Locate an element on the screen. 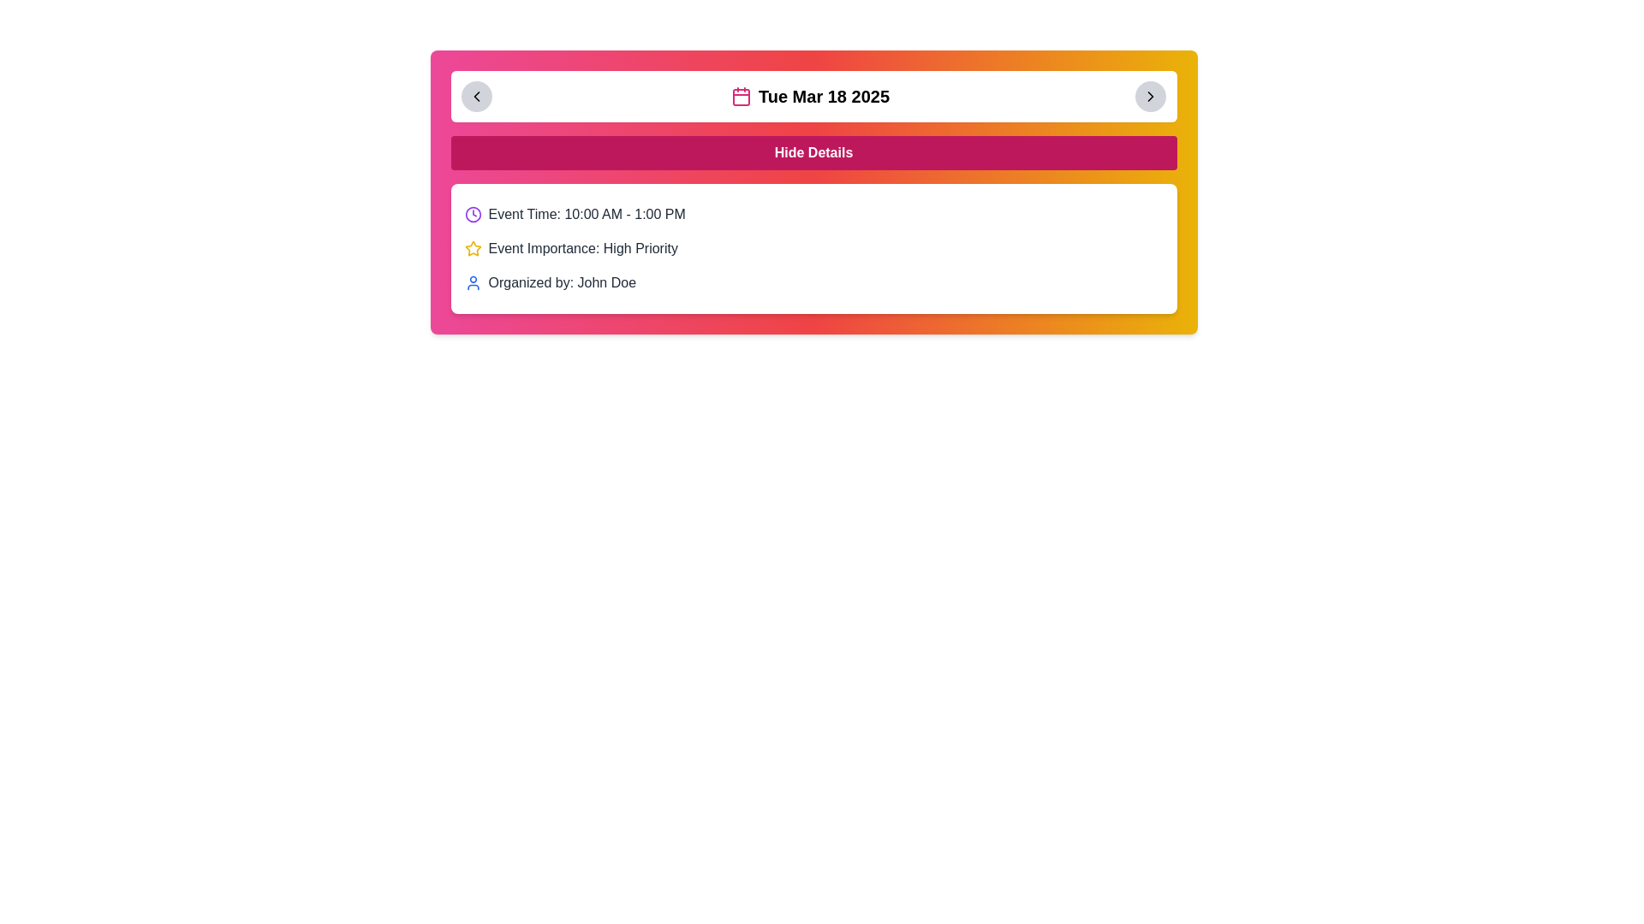 The width and height of the screenshot is (1644, 924). the right navigation button located in the top-right corner of the date and calendar view controls is located at coordinates (1151, 96).